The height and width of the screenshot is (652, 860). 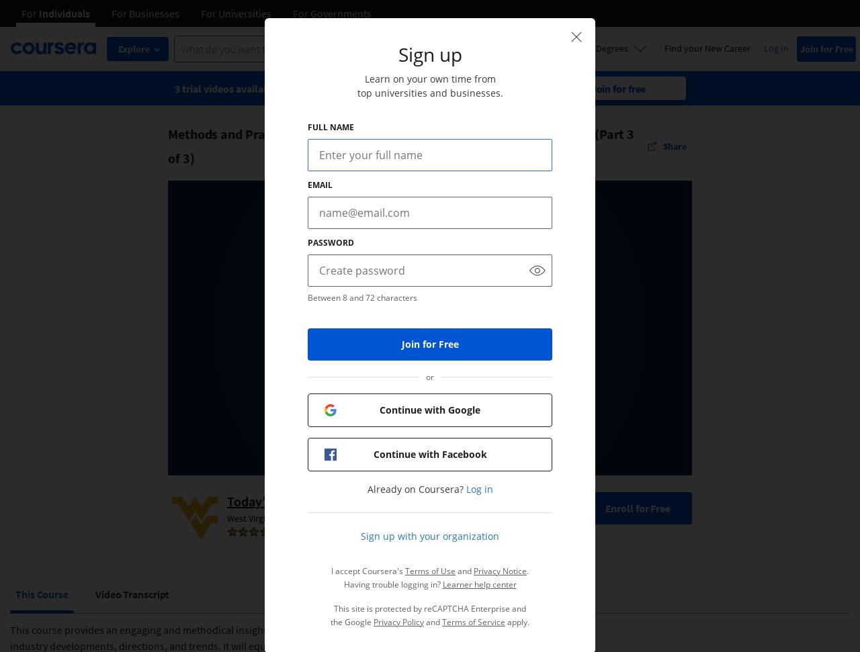 I want to click on 'Password', so click(x=331, y=242).